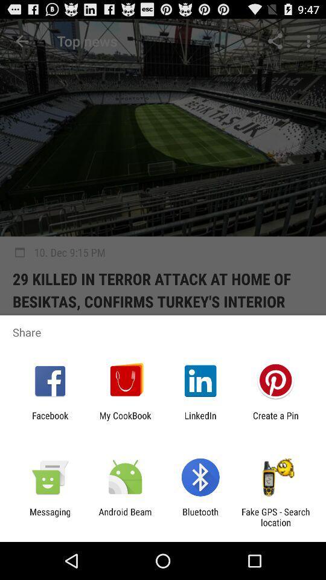  I want to click on the my cookbook app, so click(124, 420).